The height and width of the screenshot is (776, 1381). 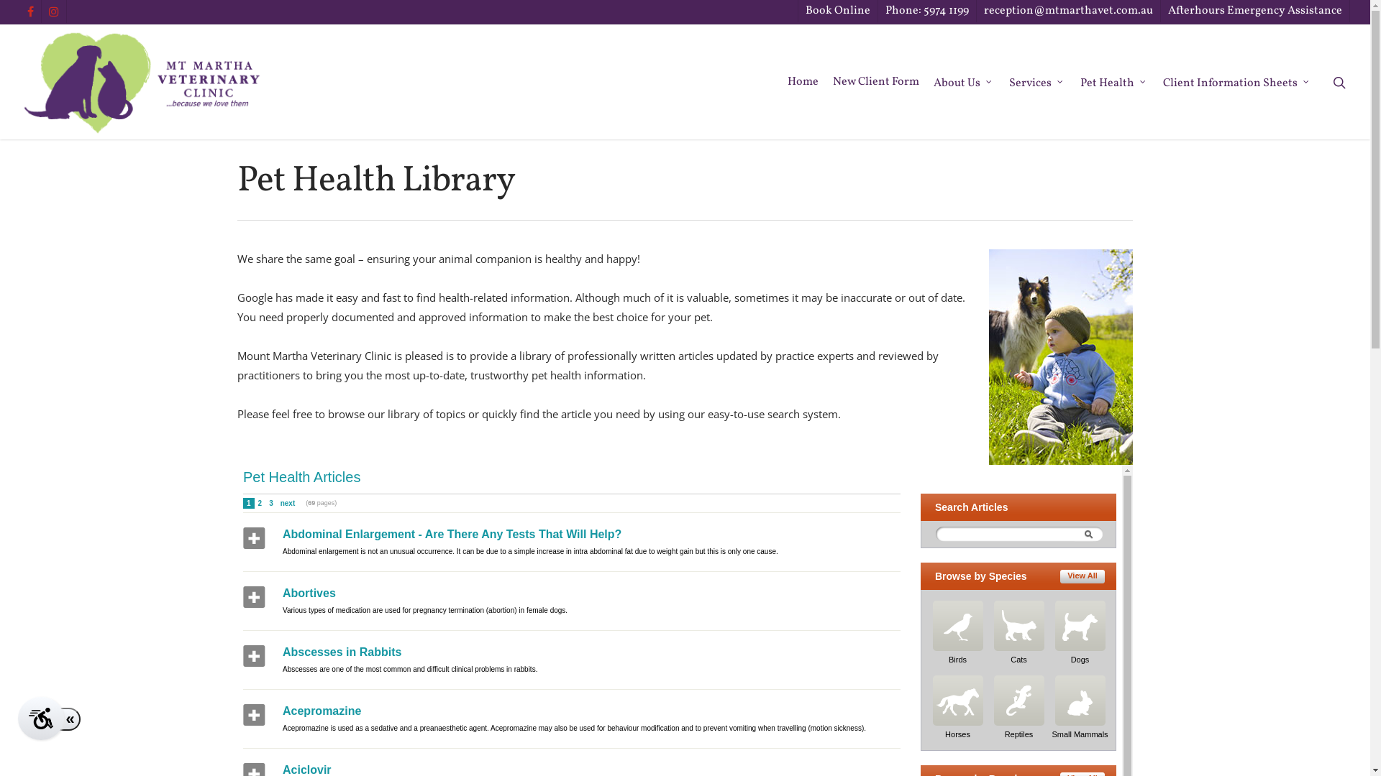 I want to click on 'Services', so click(x=1037, y=82).